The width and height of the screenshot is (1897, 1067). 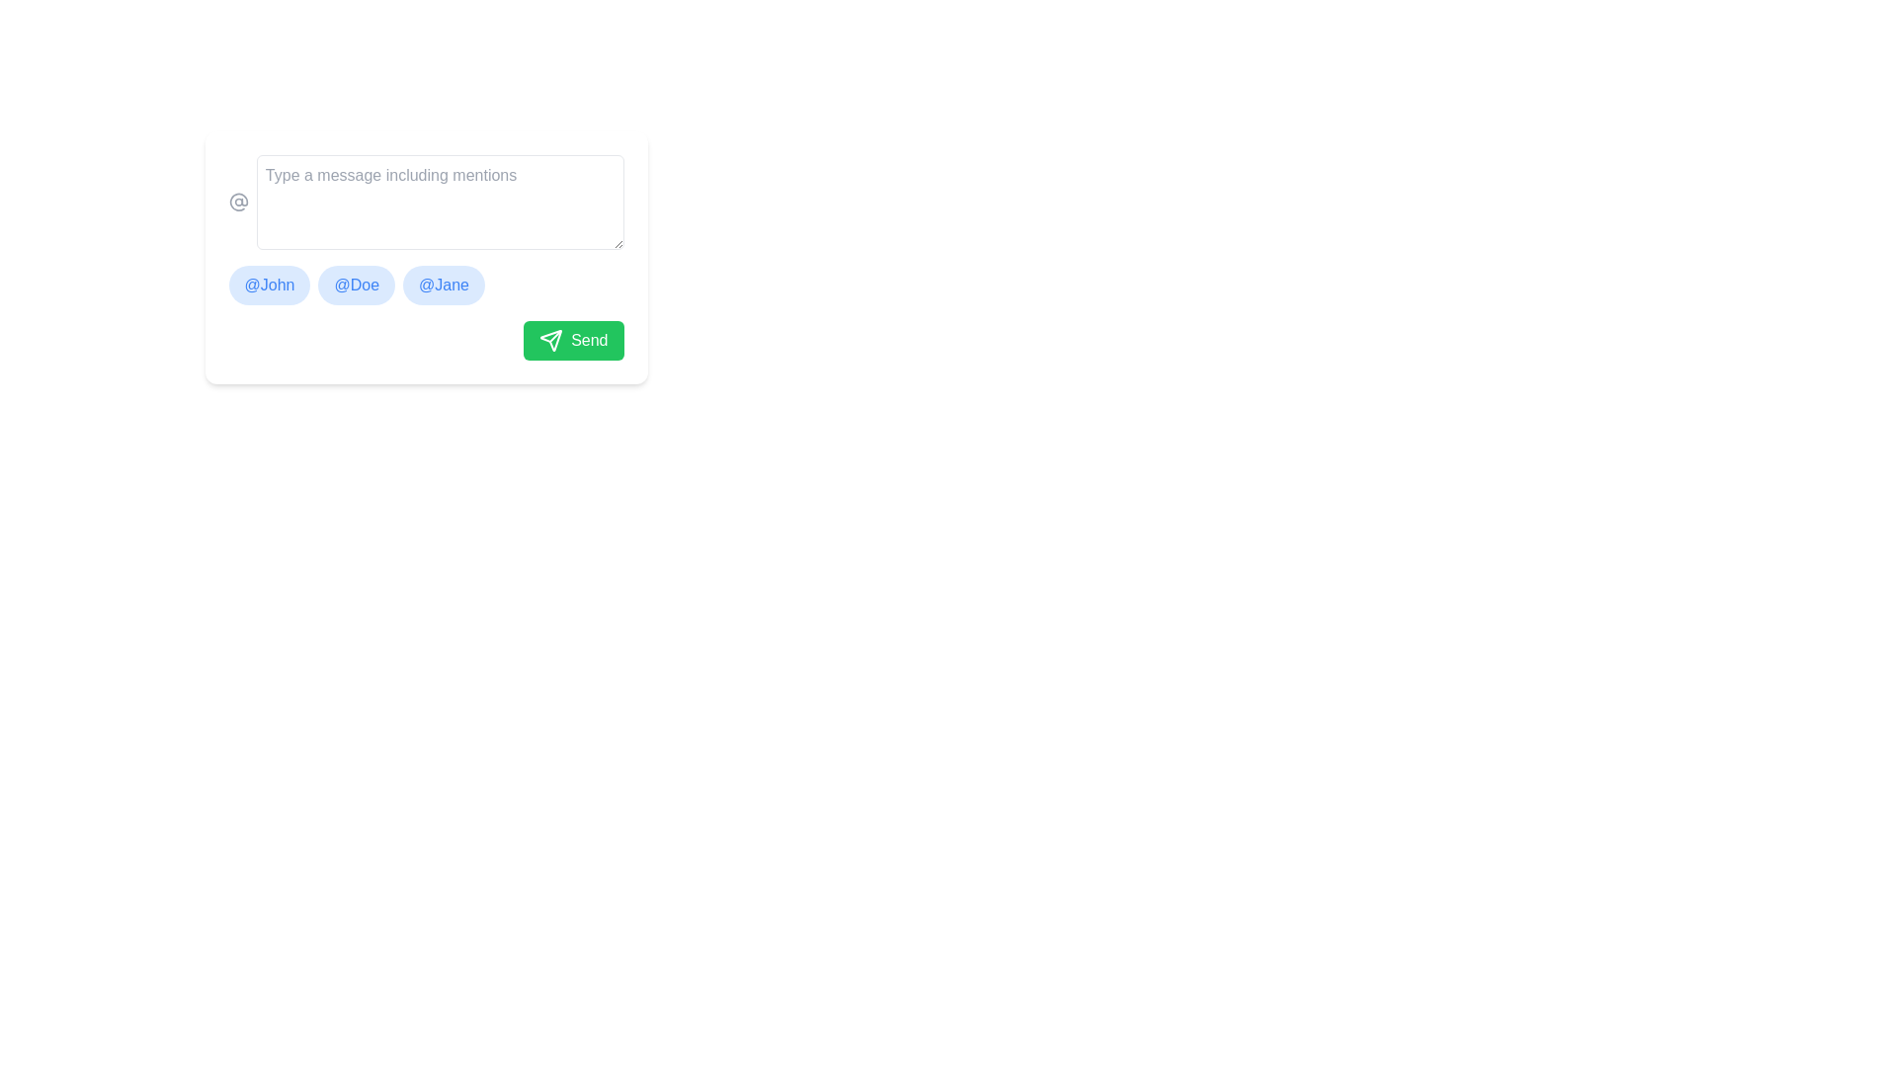 I want to click on the pill-shaped button with a light blue background and blue text displaying '@Jane' to interact with it, so click(x=443, y=286).